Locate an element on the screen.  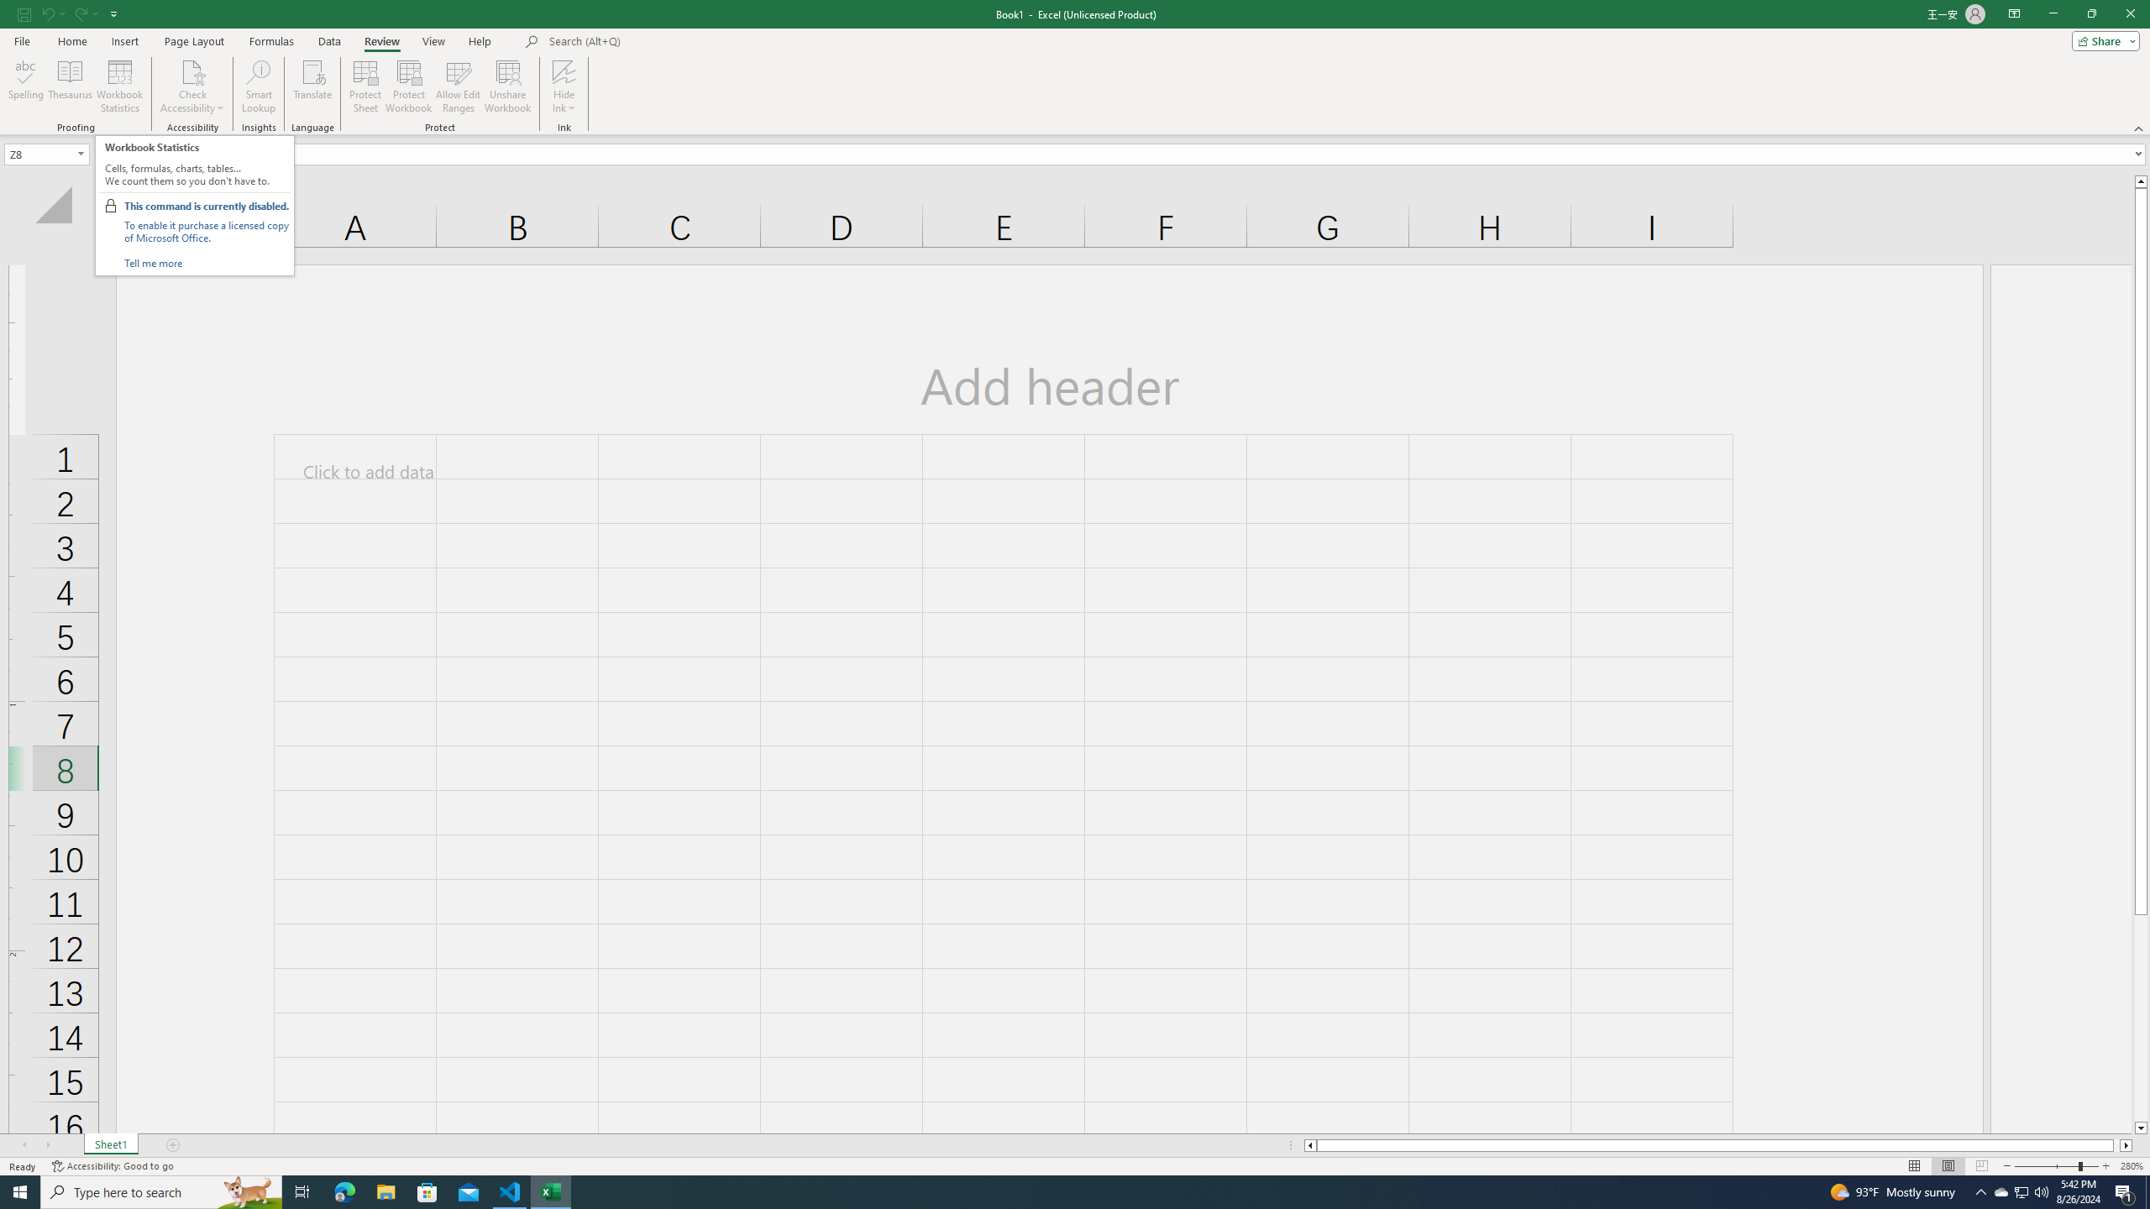
'Thesaurus...' is located at coordinates (69, 86).